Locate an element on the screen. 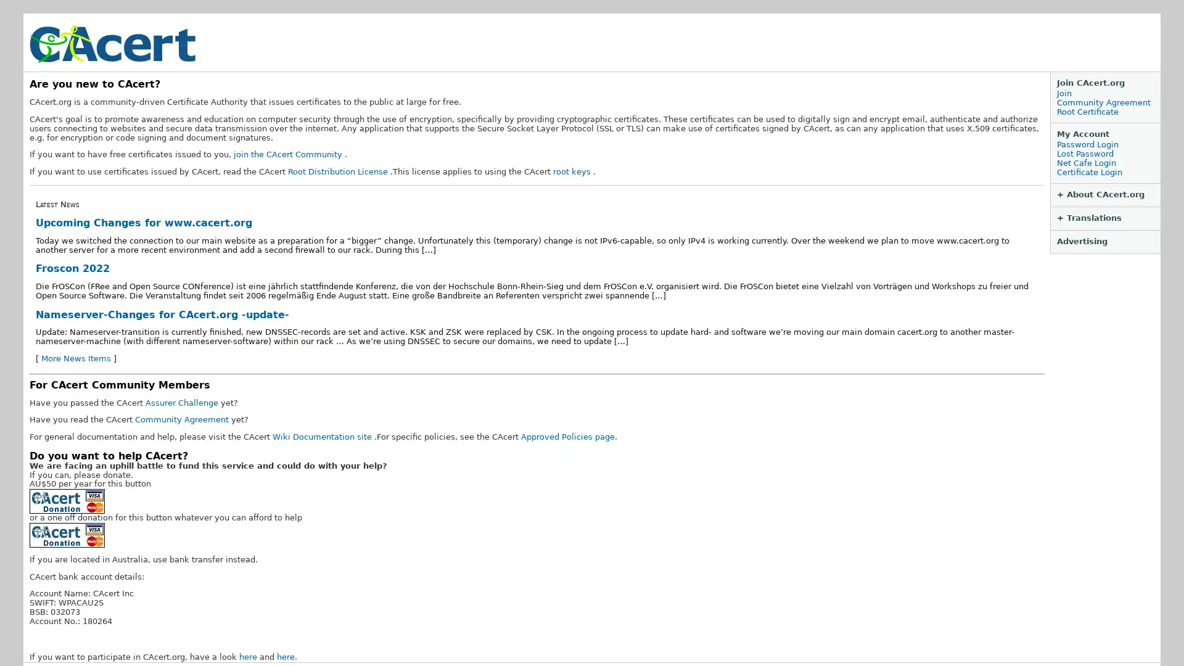 The width and height of the screenshot is (1184, 666). Make payments with PayPal is located at coordinates (67, 534).